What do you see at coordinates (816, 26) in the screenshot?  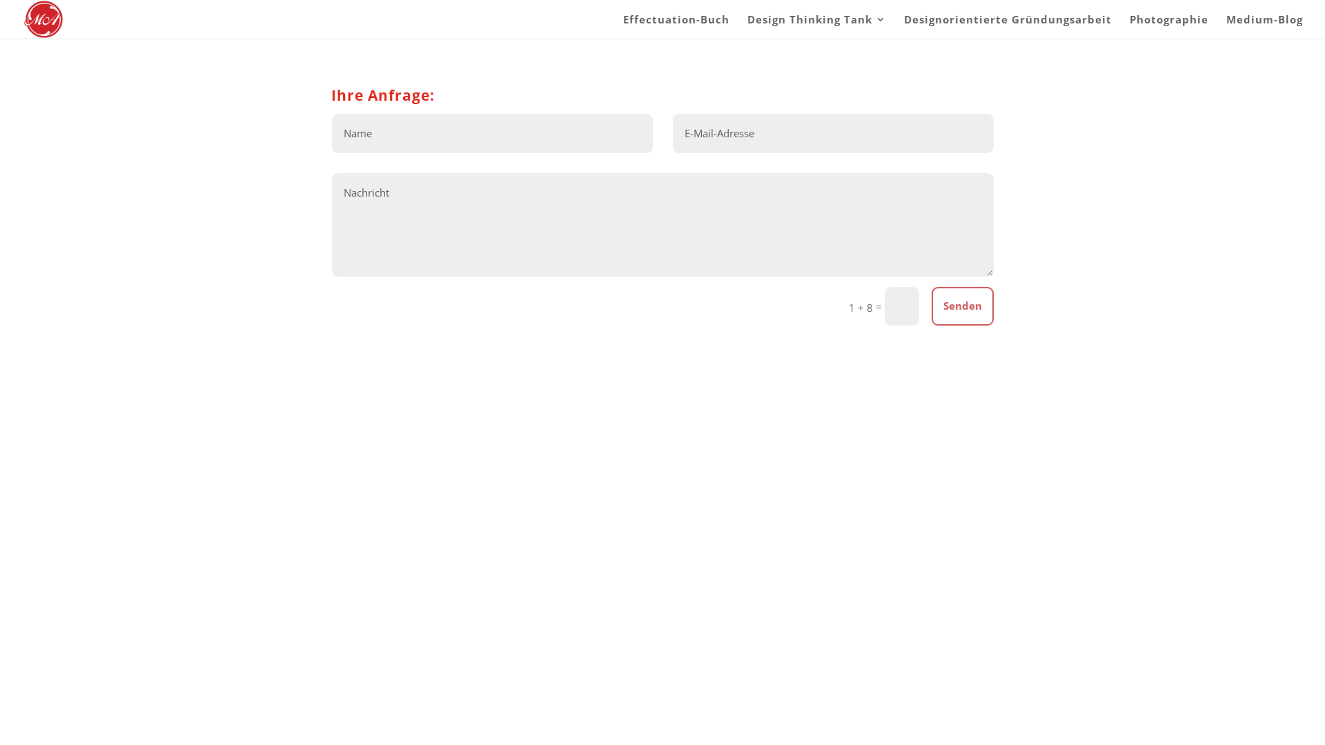 I see `'Design Thinking Tank'` at bounding box center [816, 26].